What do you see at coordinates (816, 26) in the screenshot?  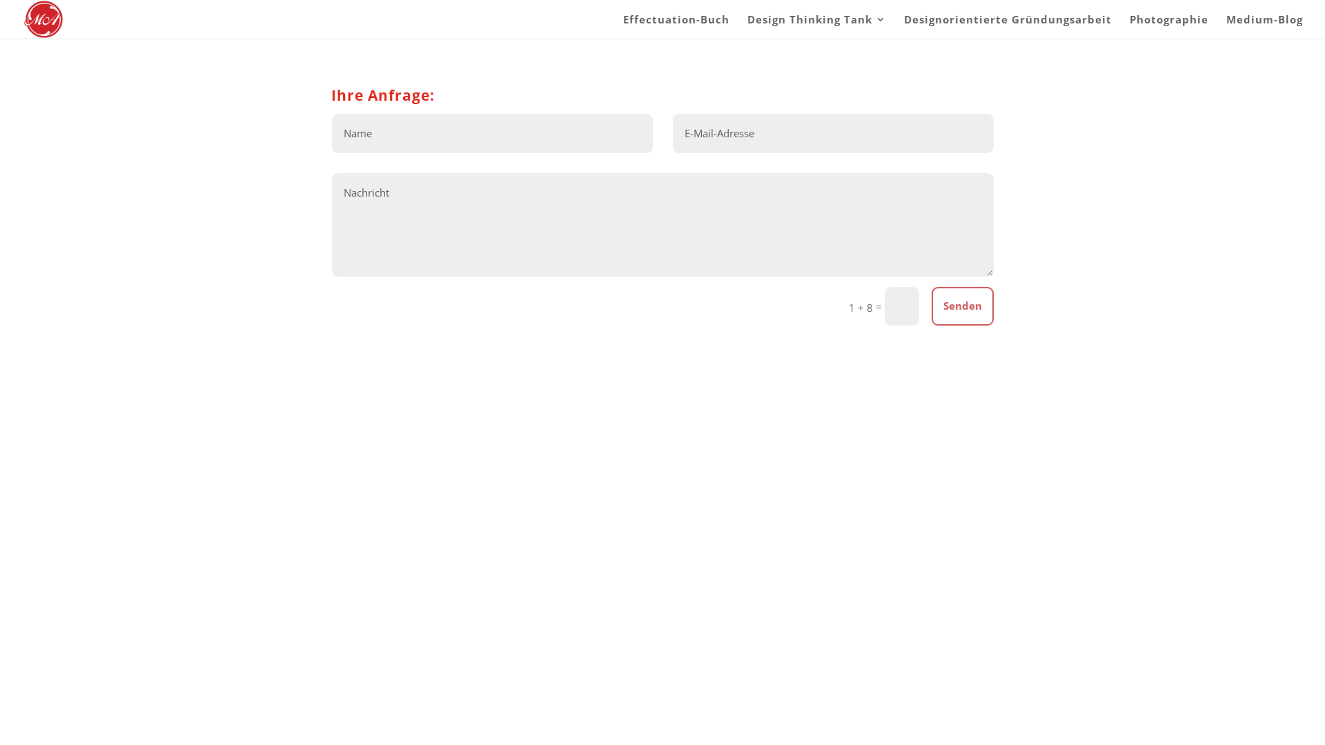 I see `'Design Thinking Tank'` at bounding box center [816, 26].